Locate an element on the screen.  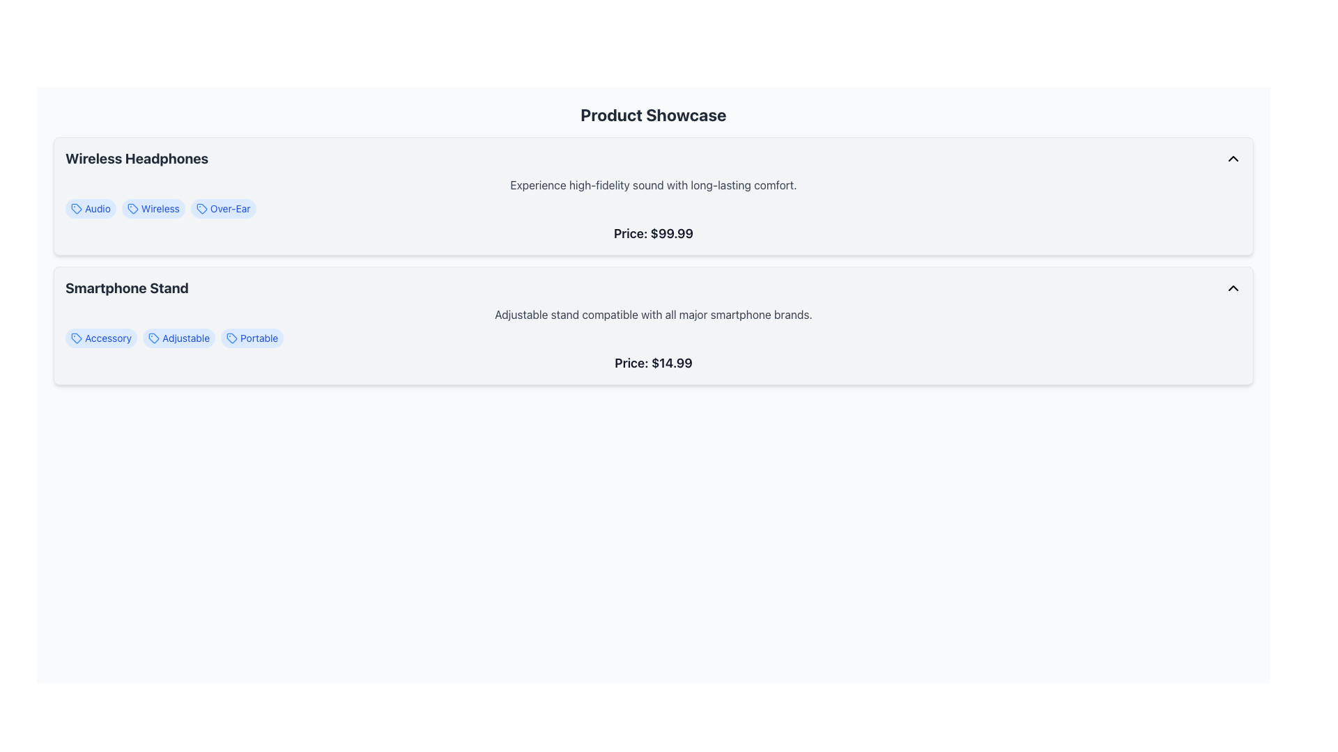
the adjustable icon, which is located to the left of the text 'Adjustable' in a group of elements labeled 'Accessory', 'Adjustable', and 'Portable' is located at coordinates (154, 338).